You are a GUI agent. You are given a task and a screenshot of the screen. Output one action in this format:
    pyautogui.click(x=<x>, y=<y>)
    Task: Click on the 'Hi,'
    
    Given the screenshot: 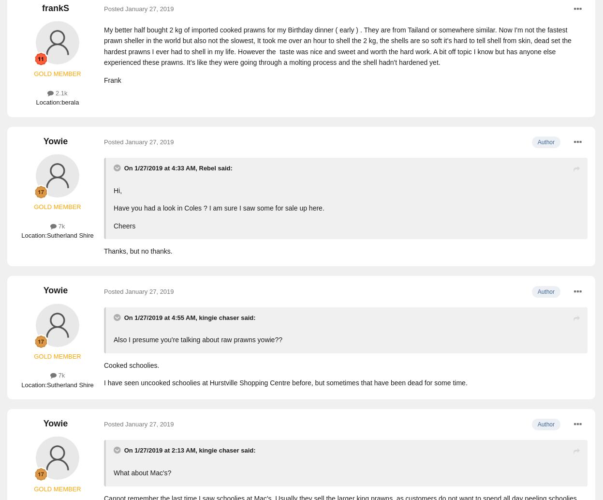 What is the action you would take?
    pyautogui.click(x=117, y=190)
    